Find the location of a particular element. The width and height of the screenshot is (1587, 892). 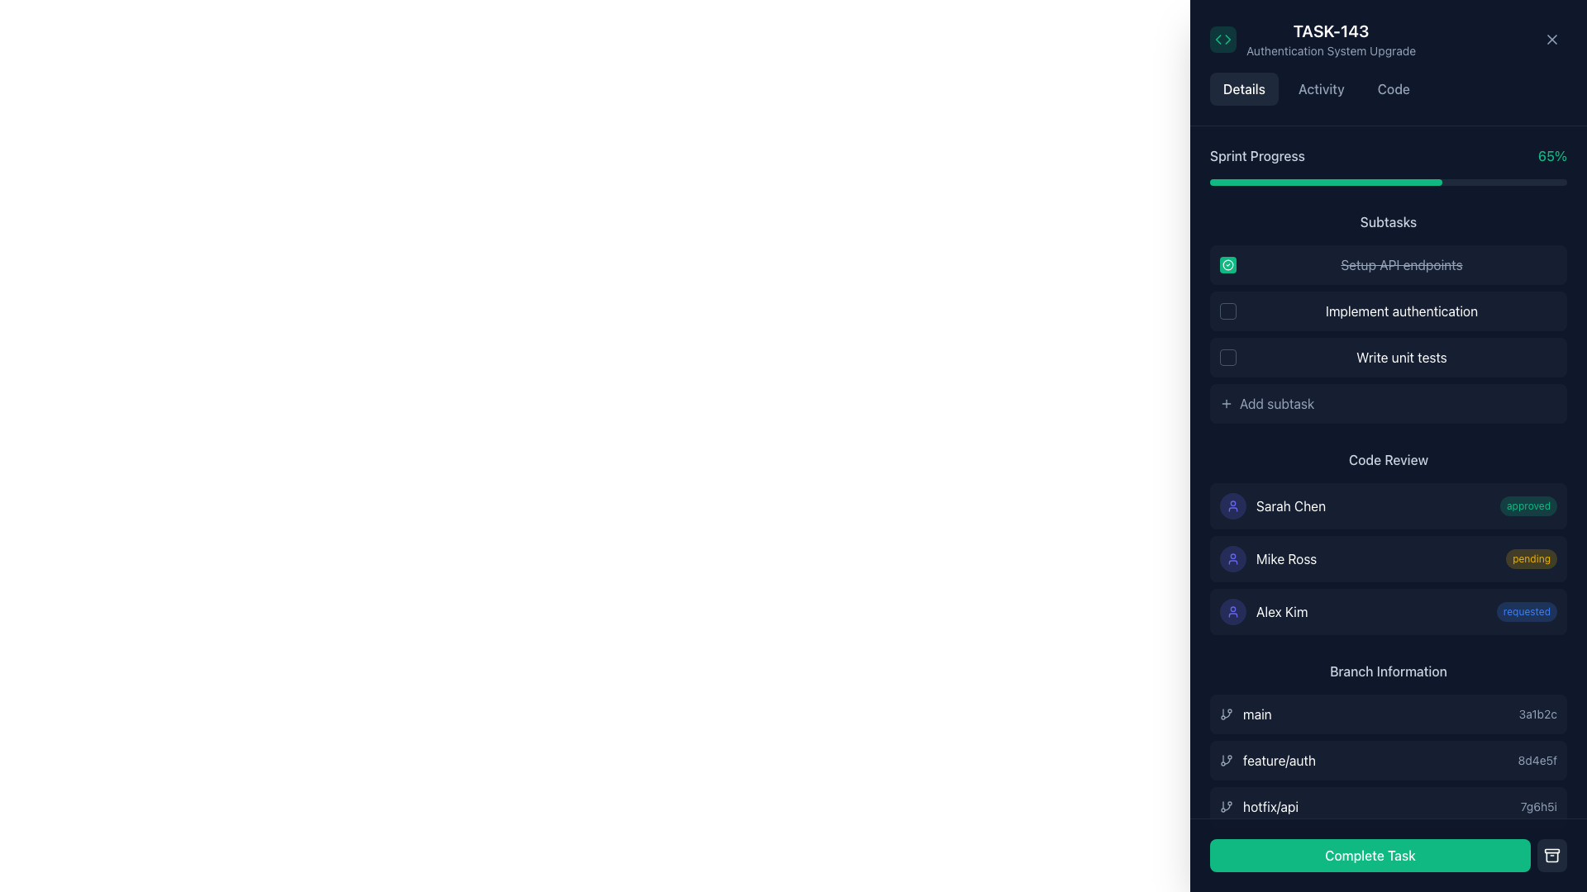

the circular user icon graphic with a dark background and indigo tones, located to the left of the 'Mike Ross' text in the user profile section of the 'Code Review' area is located at coordinates (1233, 558).